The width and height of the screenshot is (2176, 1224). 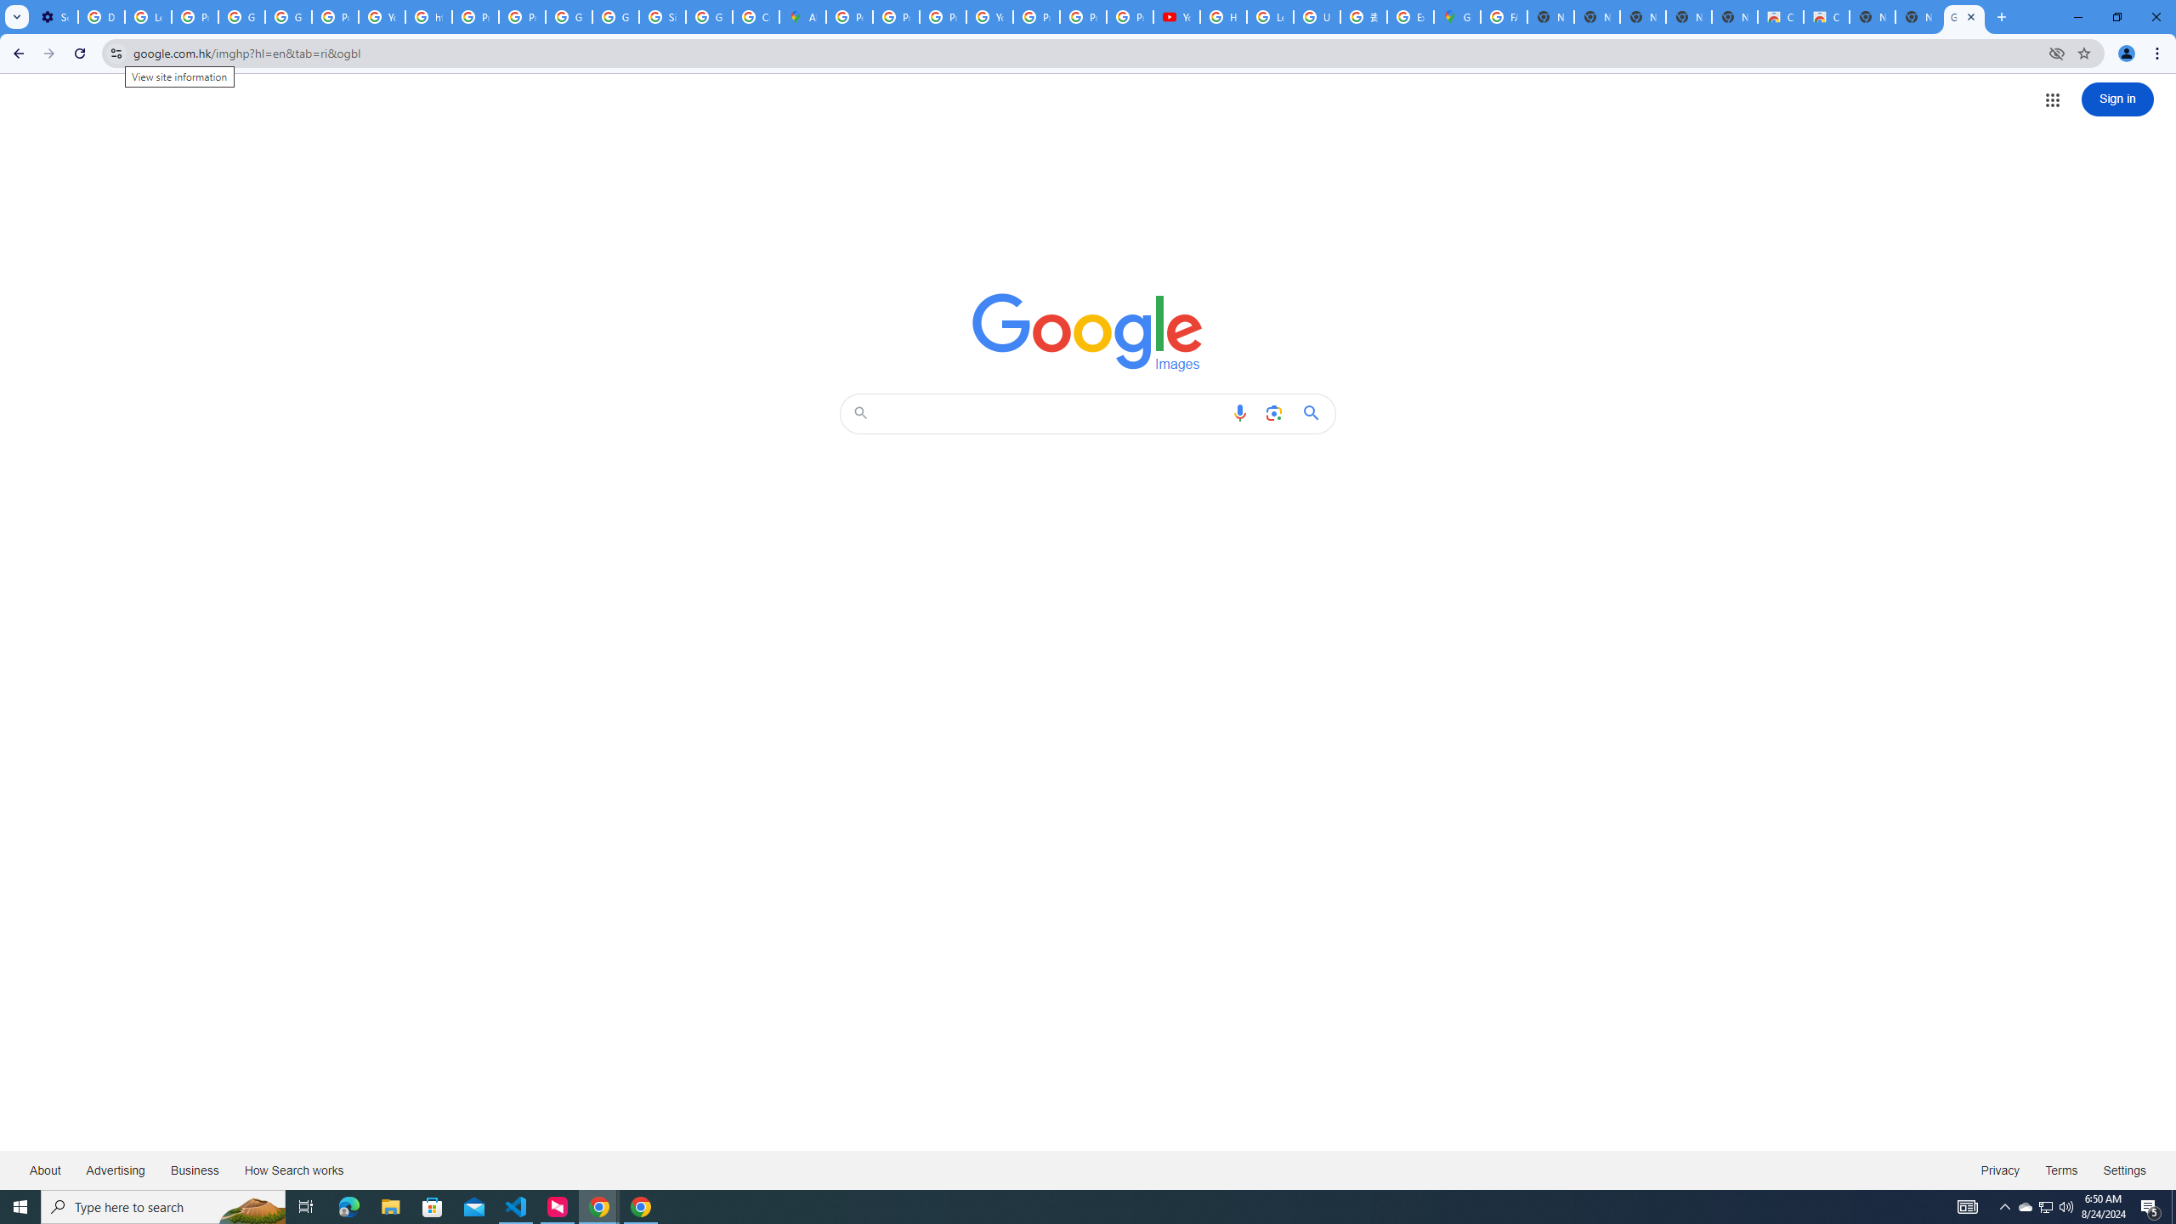 I want to click on 'Privacy Help Center - Policies Help', so click(x=942, y=16).